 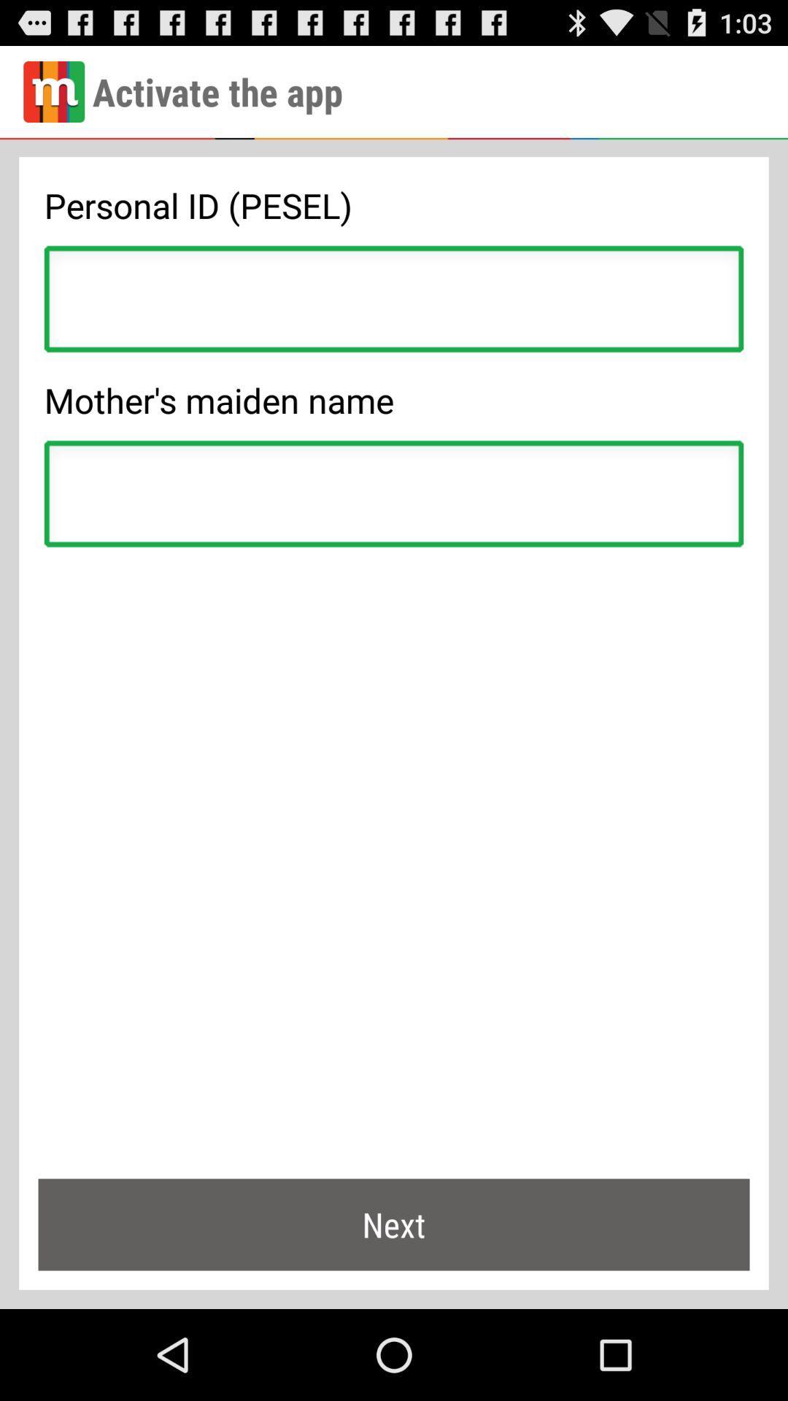 What do you see at coordinates (394, 1224) in the screenshot?
I see `next item` at bounding box center [394, 1224].